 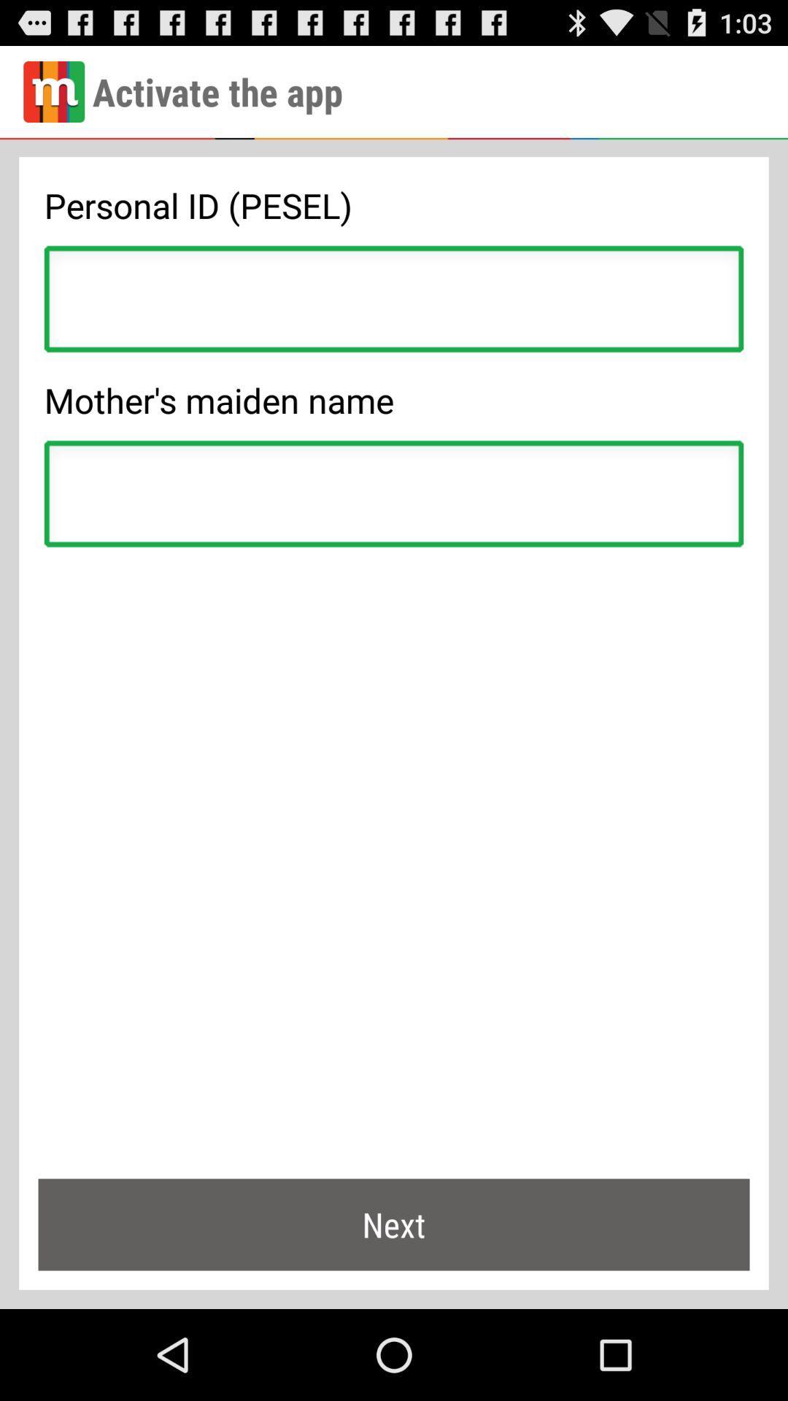 What do you see at coordinates (394, 1224) in the screenshot?
I see `next item` at bounding box center [394, 1224].